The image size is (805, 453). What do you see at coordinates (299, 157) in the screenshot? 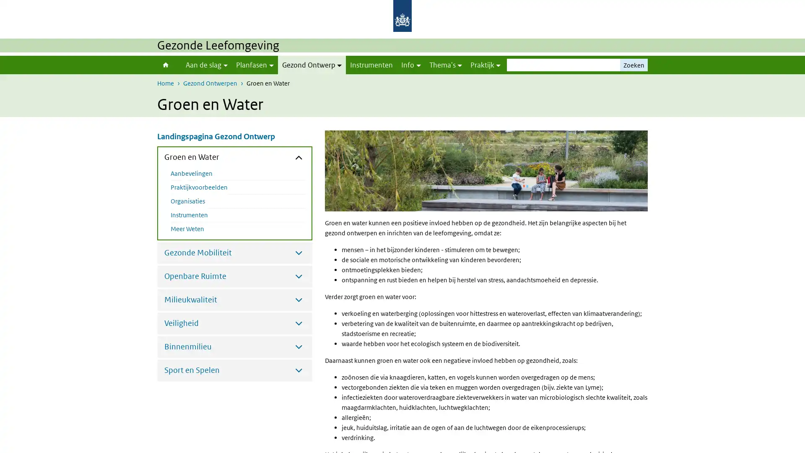
I see `Submenu sluiten` at bounding box center [299, 157].